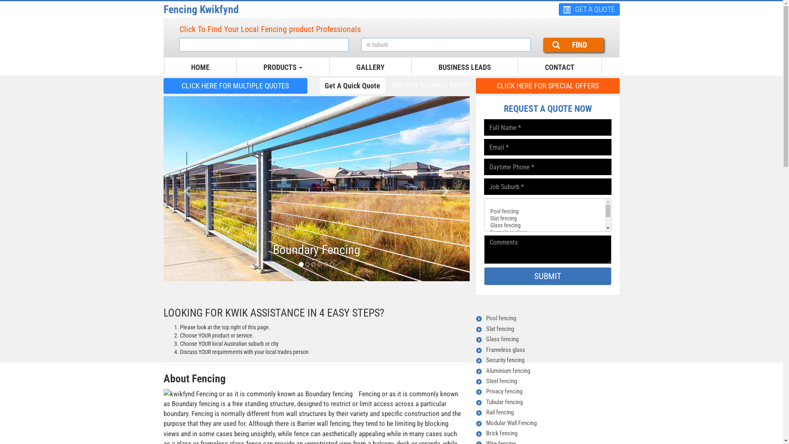  I want to click on 'Pool fencing', so click(500, 318).